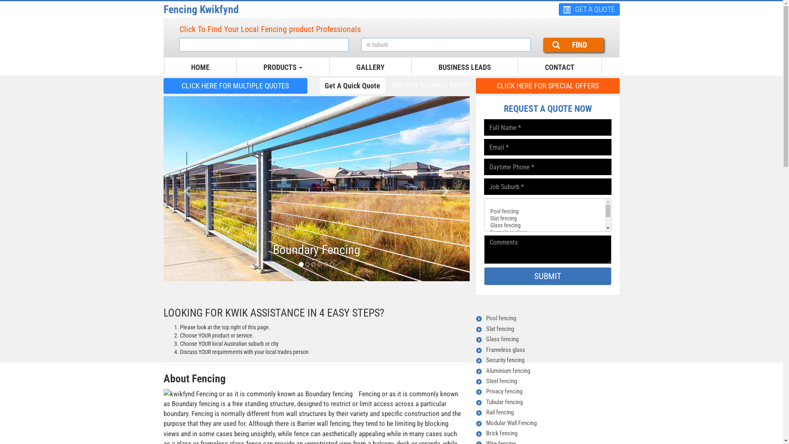  I want to click on 'Pool fencing', so click(500, 318).